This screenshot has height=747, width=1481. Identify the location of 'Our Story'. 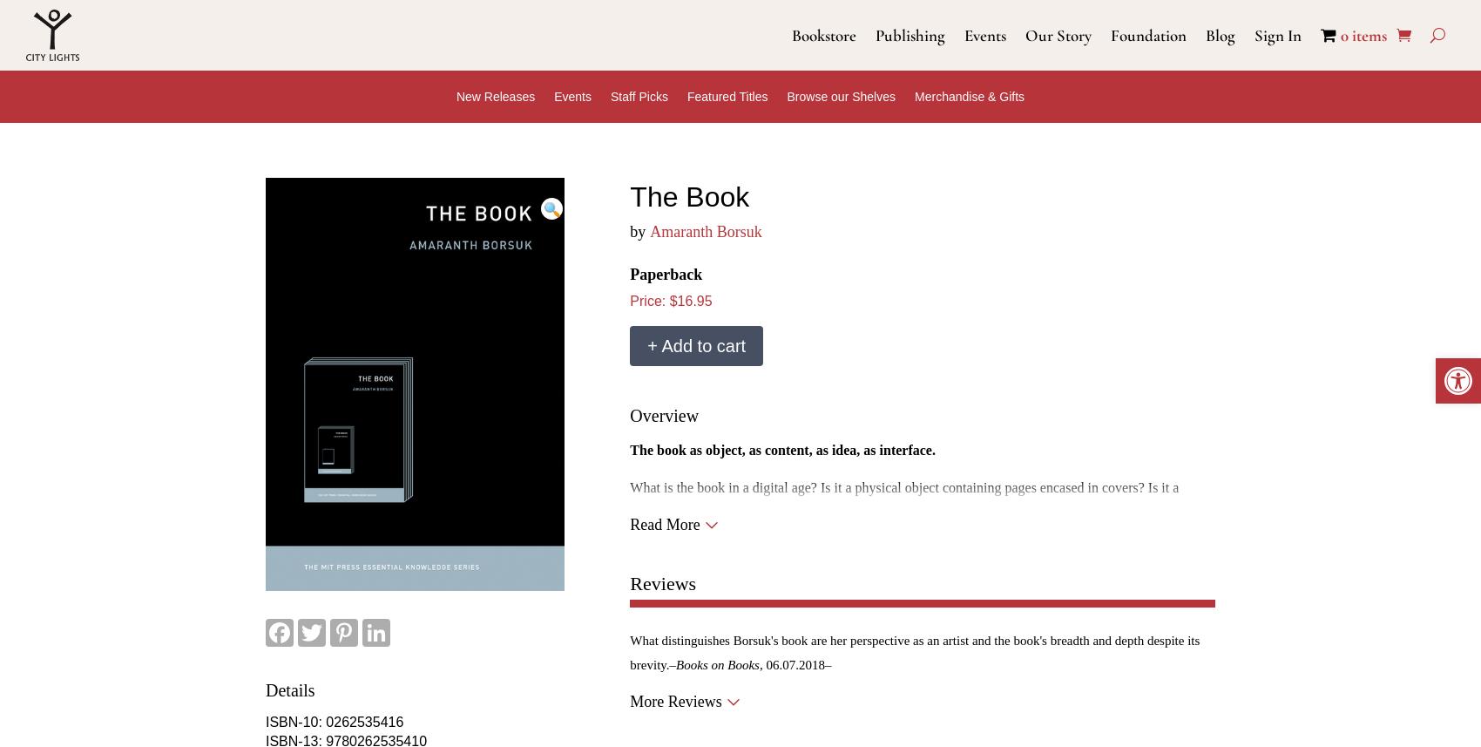
(1057, 34).